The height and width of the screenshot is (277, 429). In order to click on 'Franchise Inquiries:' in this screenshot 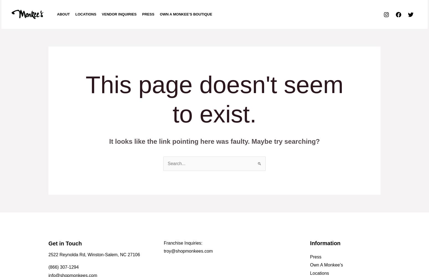, I will do `click(183, 243)`.